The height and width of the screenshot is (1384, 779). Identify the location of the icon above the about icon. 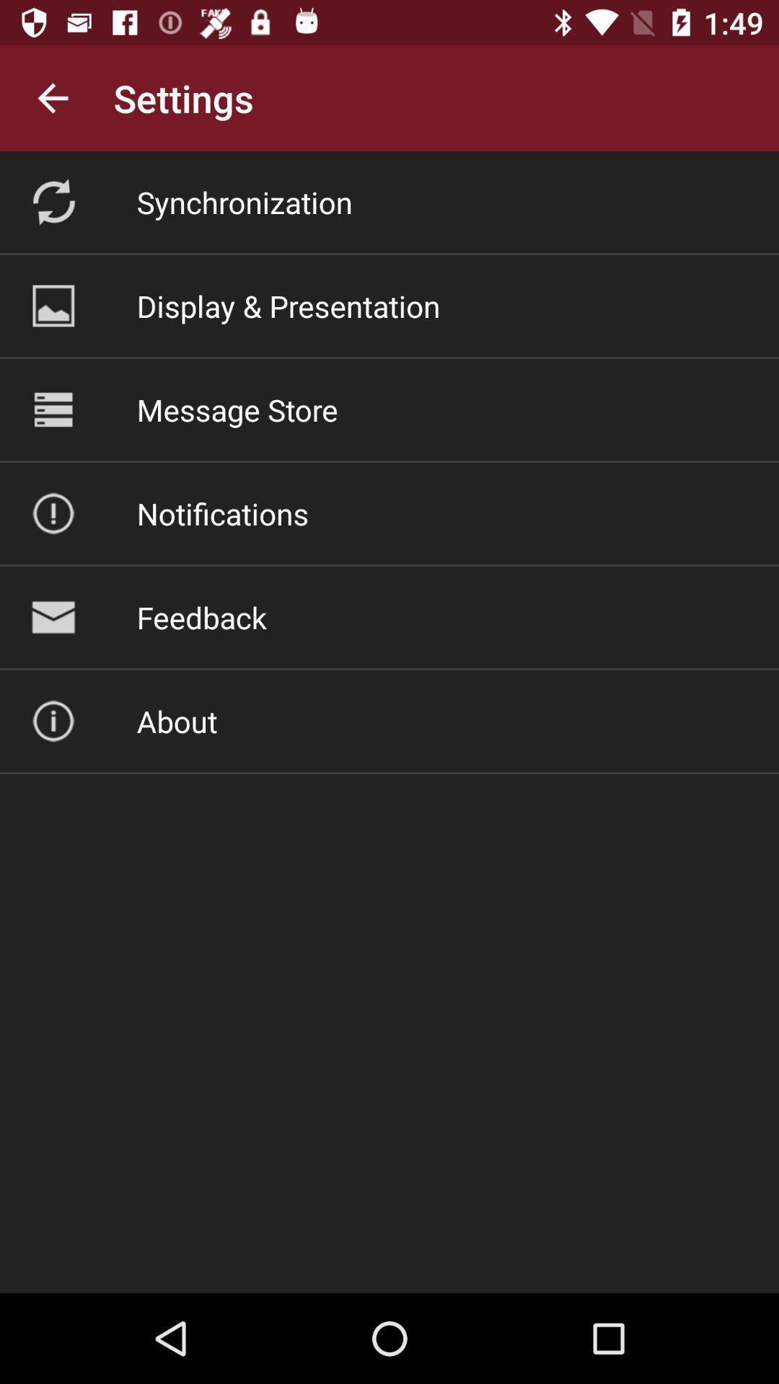
(201, 617).